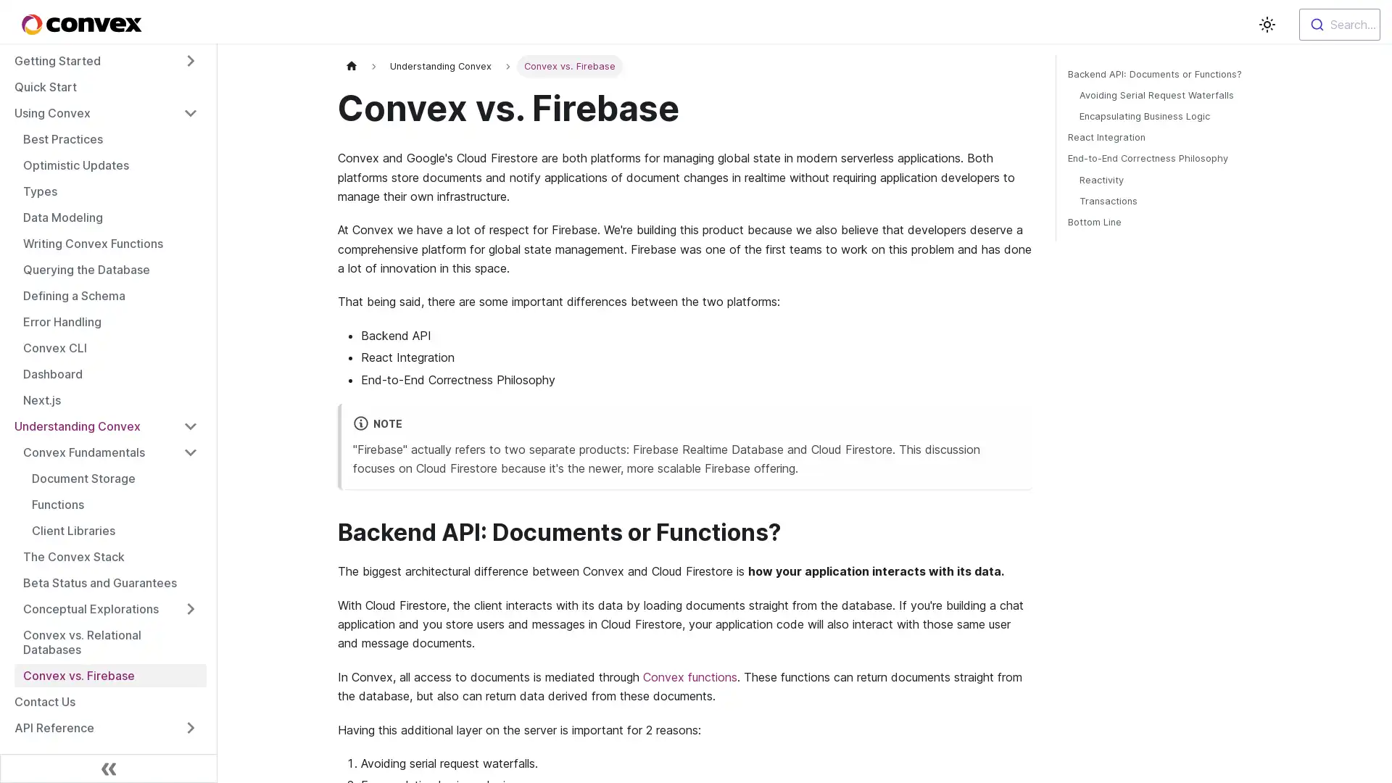 The image size is (1392, 783). What do you see at coordinates (190, 452) in the screenshot?
I see `Toggle the collapsible sidebar category 'Convex Fundamentals'` at bounding box center [190, 452].